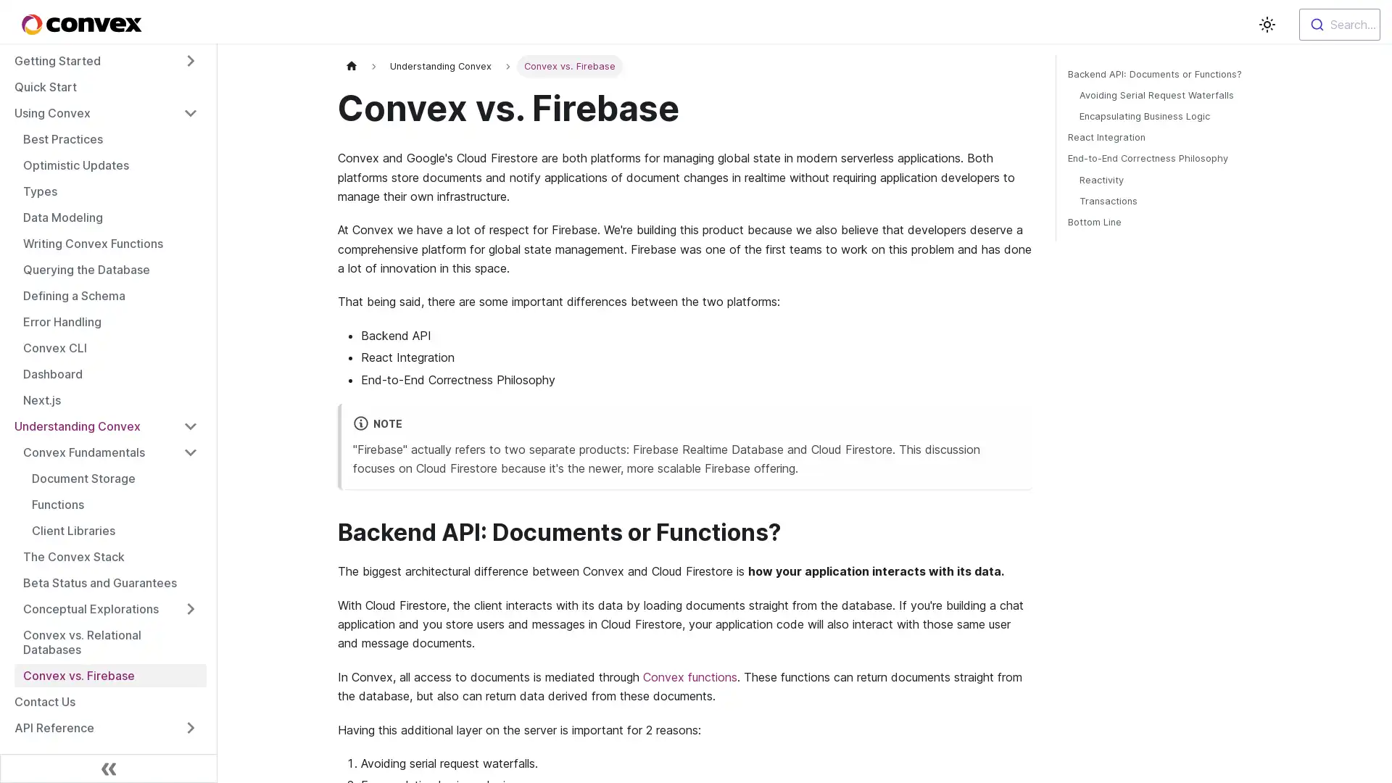 The image size is (1392, 783). What do you see at coordinates (190, 452) in the screenshot?
I see `Toggle the collapsible sidebar category 'Convex Fundamentals'` at bounding box center [190, 452].